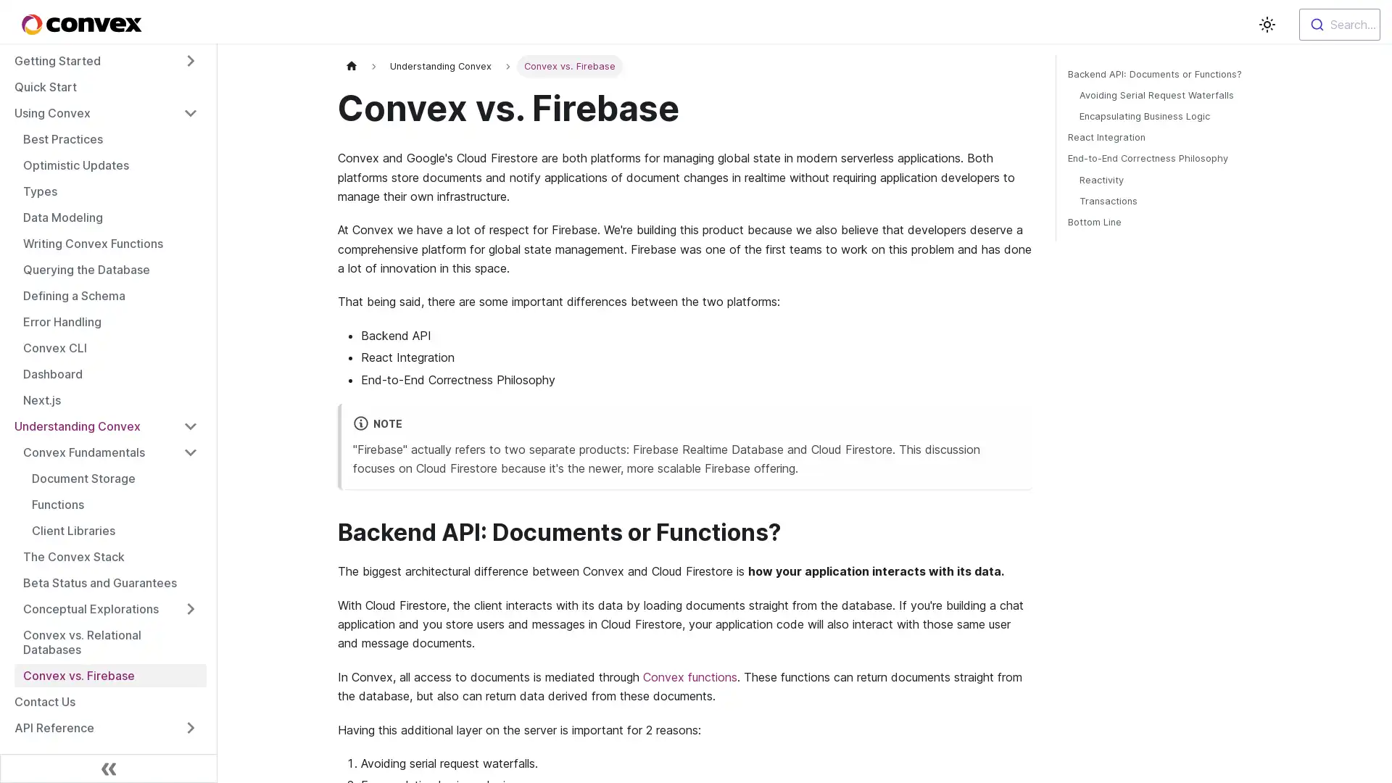 The image size is (1392, 783). What do you see at coordinates (190, 452) in the screenshot?
I see `Toggle the collapsible sidebar category 'Convex Fundamentals'` at bounding box center [190, 452].